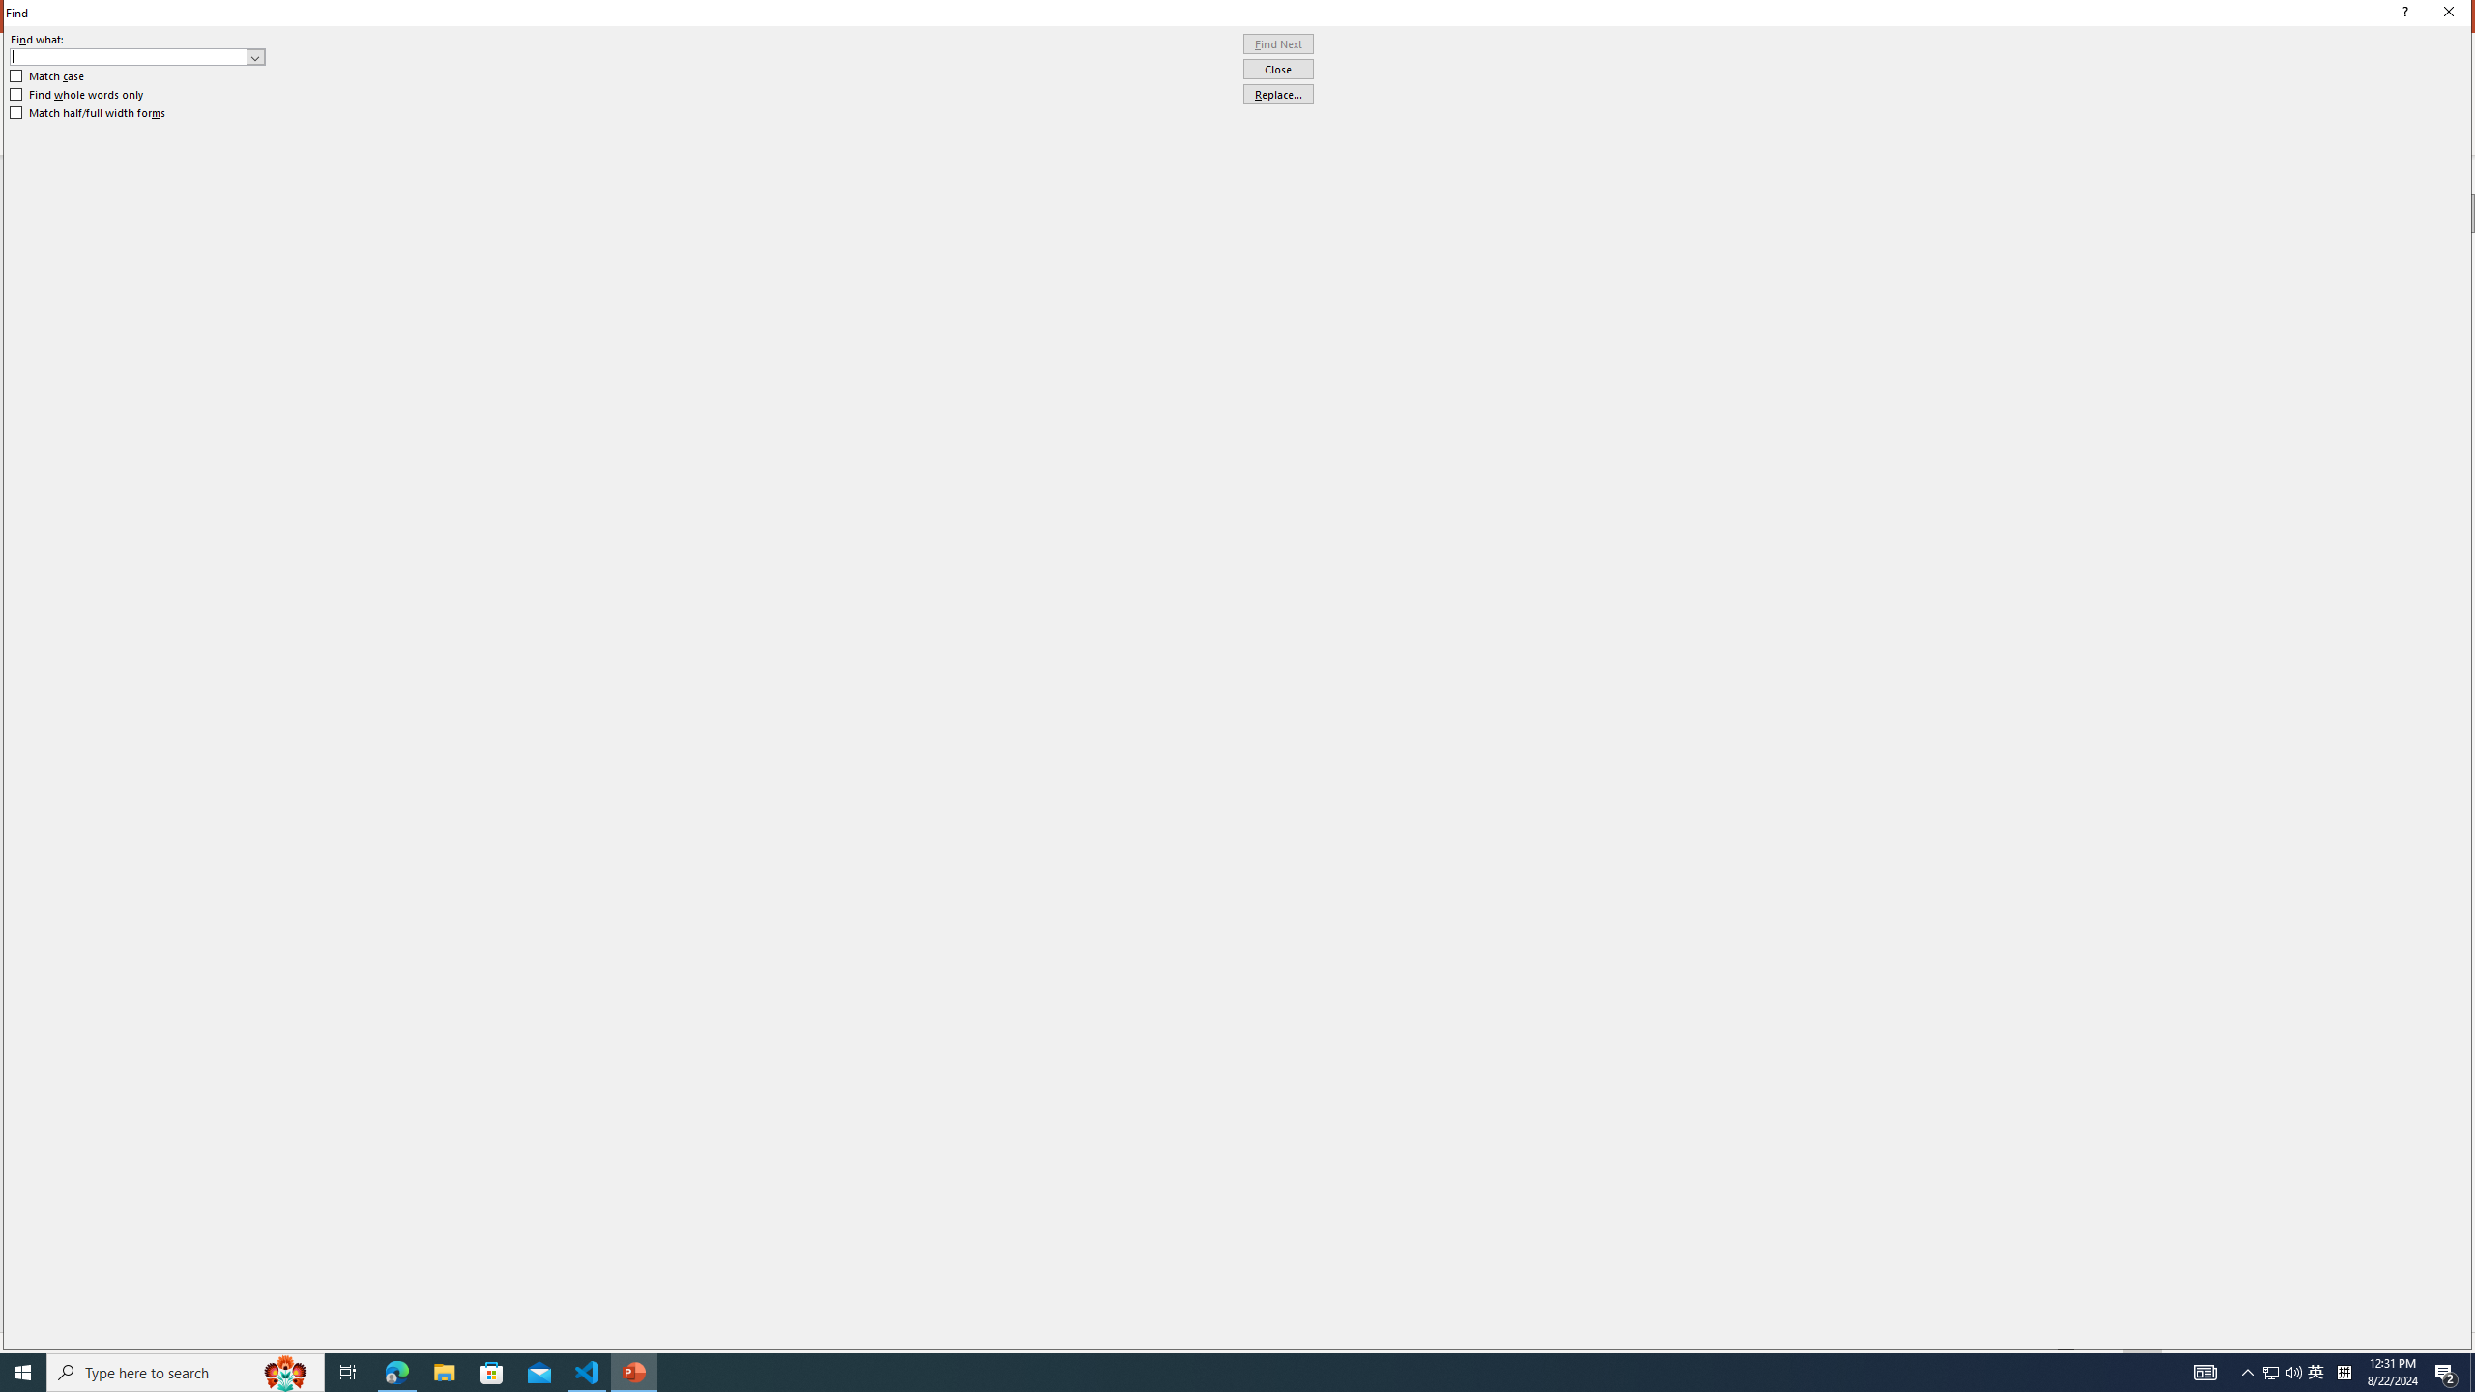  Describe the element at coordinates (77, 93) in the screenshot. I see `'Find whole words only'` at that location.